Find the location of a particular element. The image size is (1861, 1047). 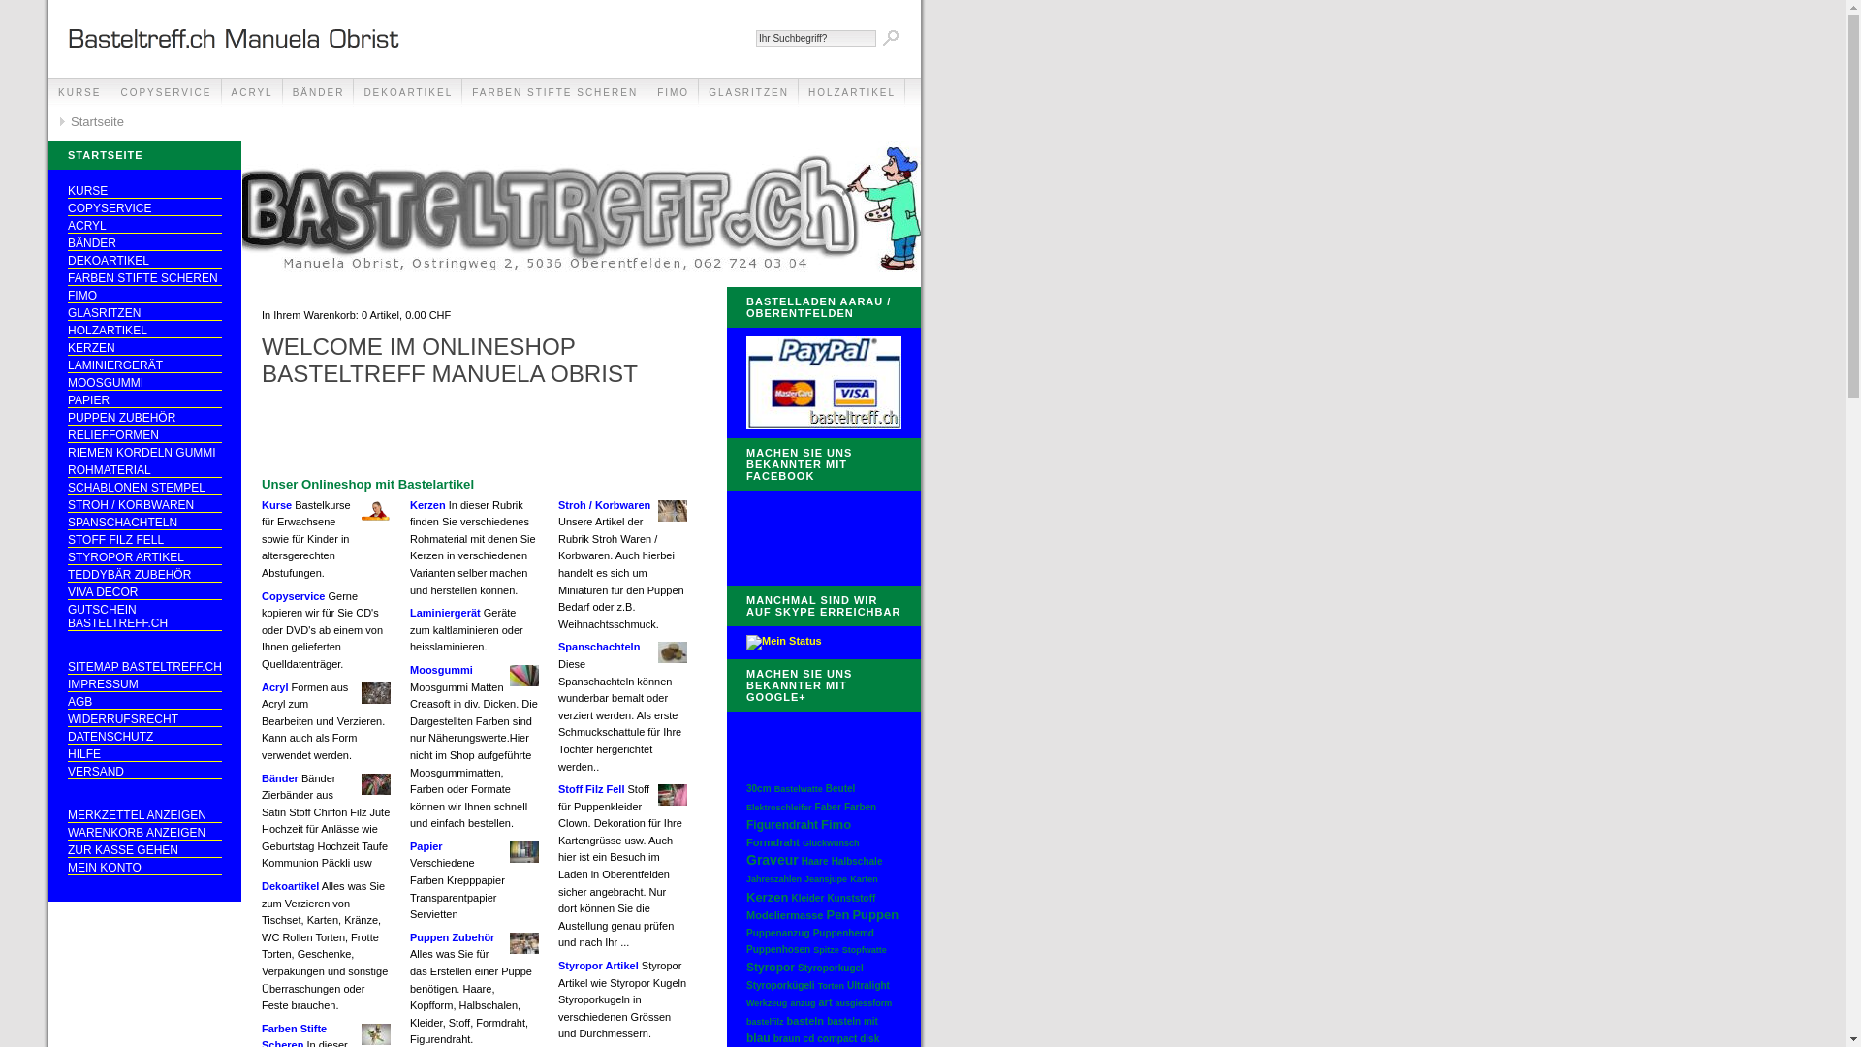

'SCHABLONEN STEMPEL' is located at coordinates (143, 487).